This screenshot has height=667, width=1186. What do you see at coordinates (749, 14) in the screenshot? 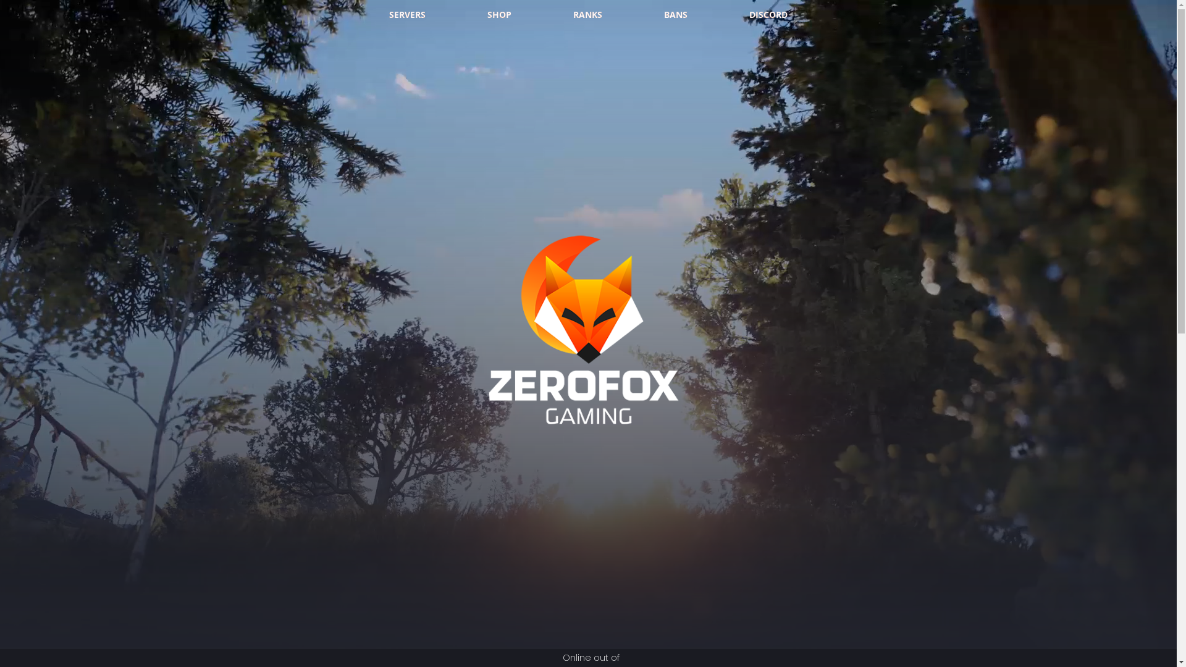
I see `'DISCORD'` at bounding box center [749, 14].